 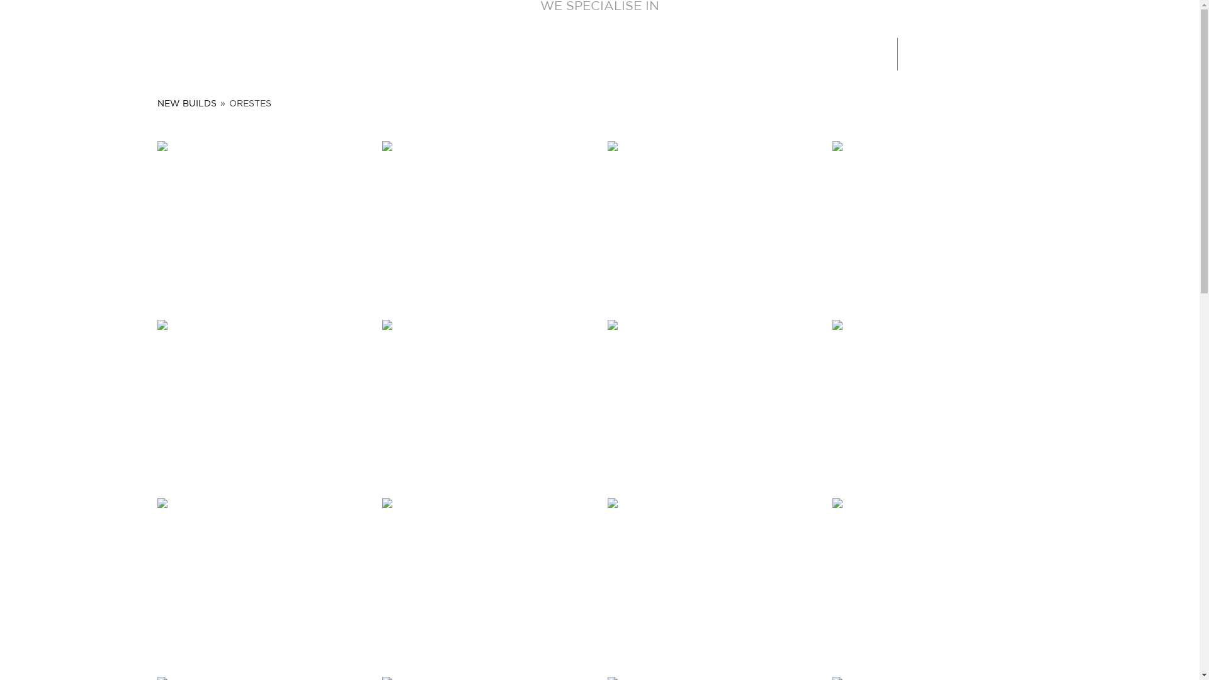 What do you see at coordinates (365, 52) in the screenshot?
I see `'HOME'` at bounding box center [365, 52].